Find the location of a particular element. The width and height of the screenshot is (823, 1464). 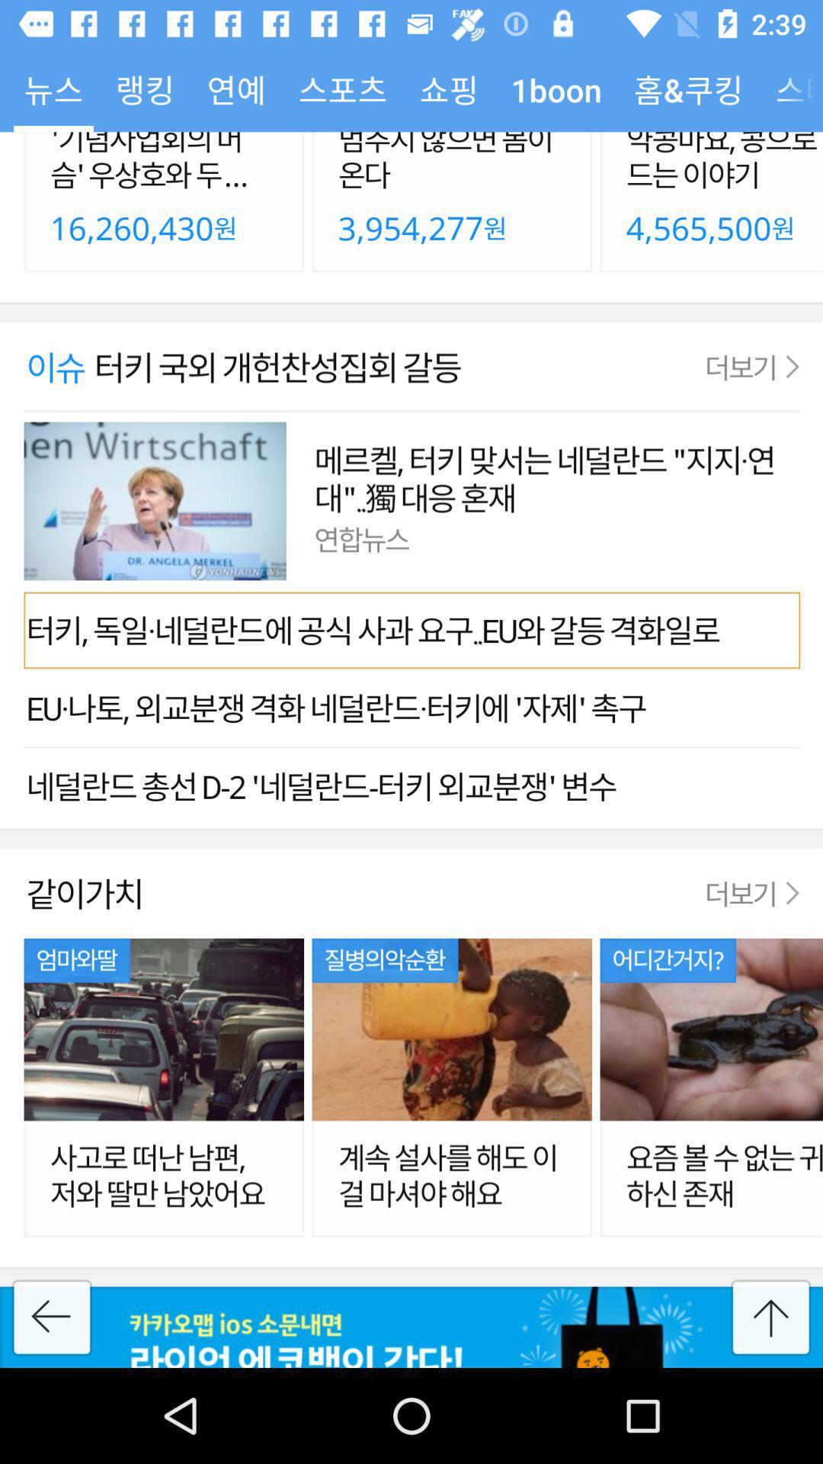

the arrow_upward icon is located at coordinates (770, 1317).